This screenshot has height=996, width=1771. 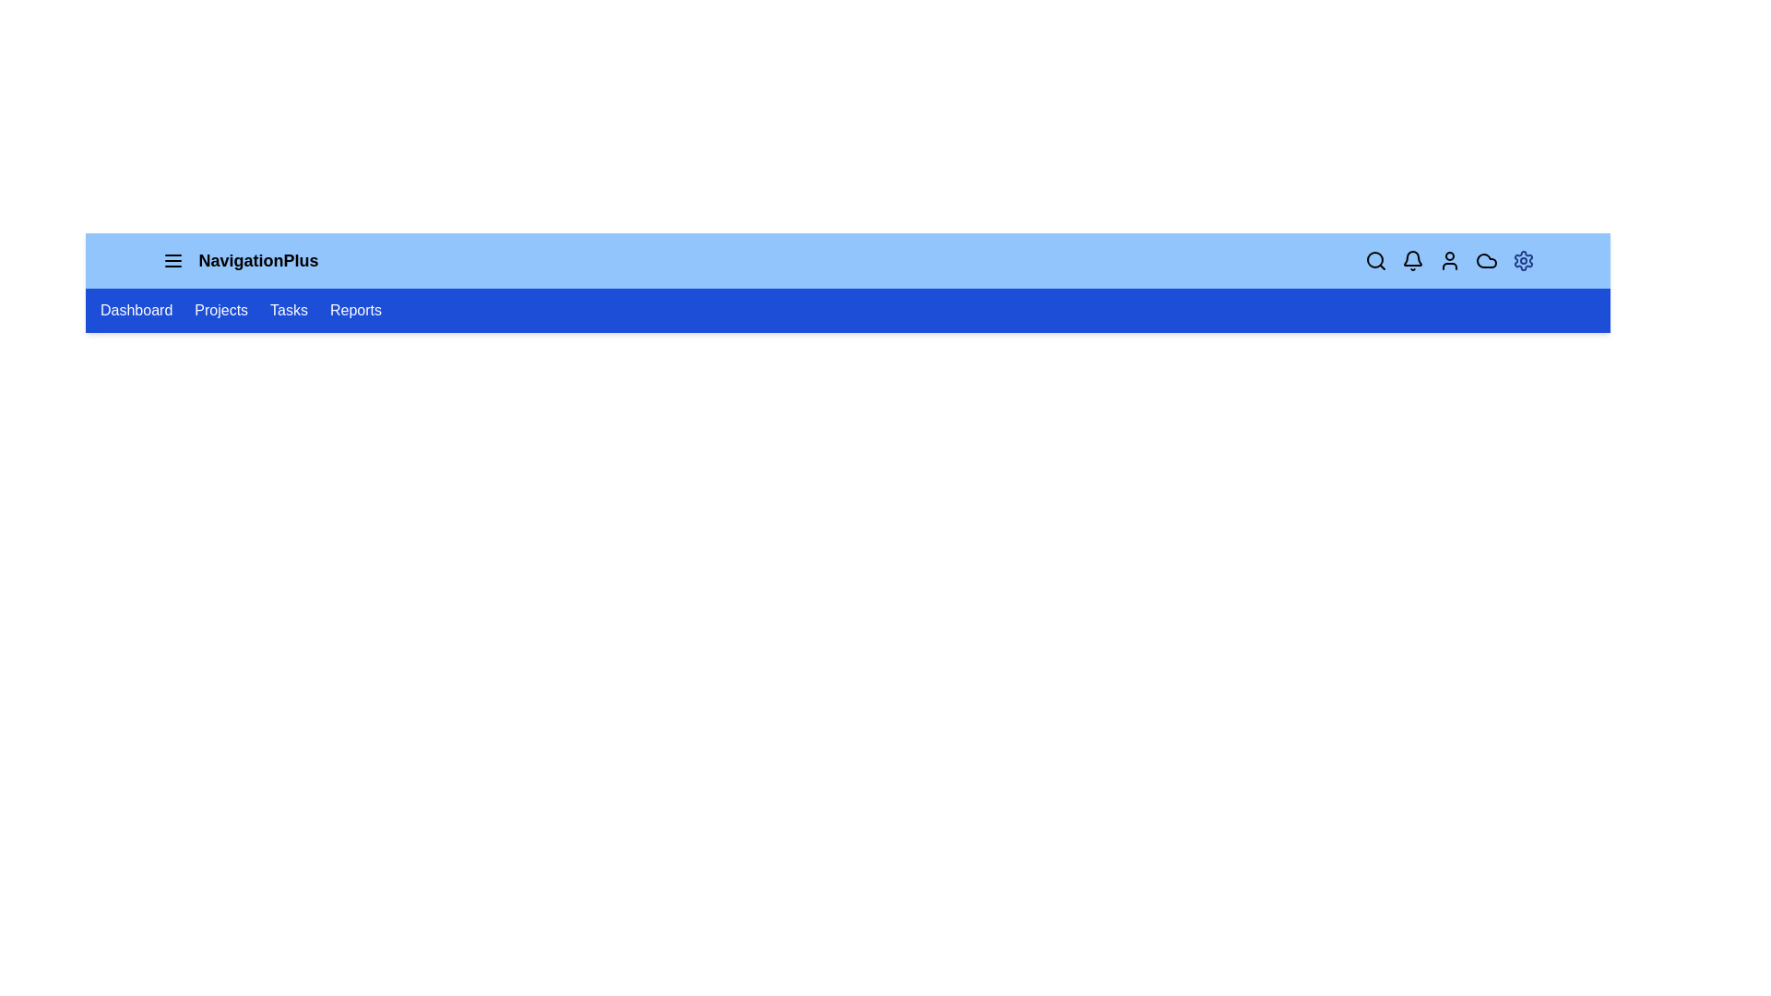 What do you see at coordinates (287, 309) in the screenshot?
I see `the navigation link labeled Tasks` at bounding box center [287, 309].